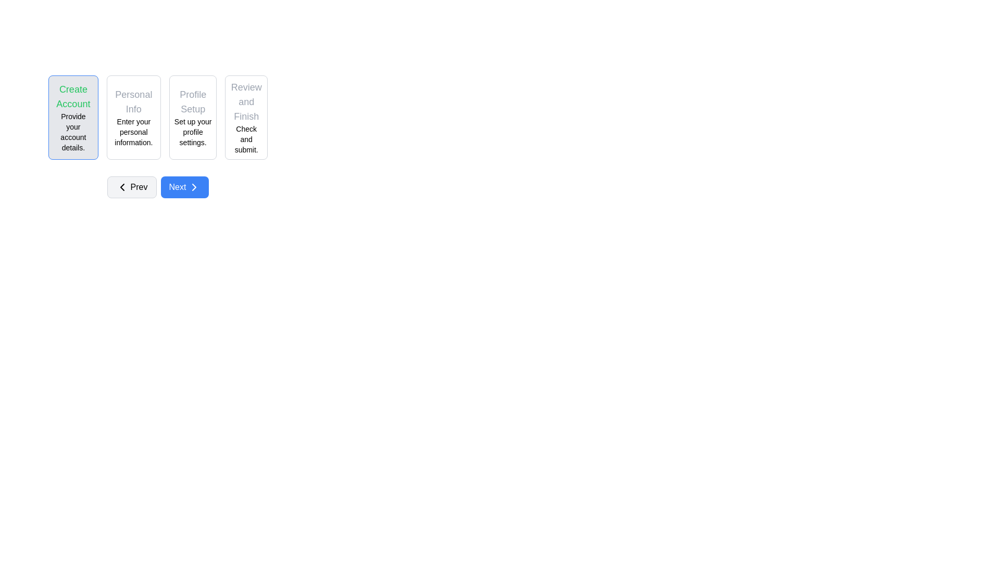  Describe the element at coordinates (133, 132) in the screenshot. I see `the text label displaying 'Enter your personal information.' which is located below the header 'Personal Info' in the second step navigation card` at that location.